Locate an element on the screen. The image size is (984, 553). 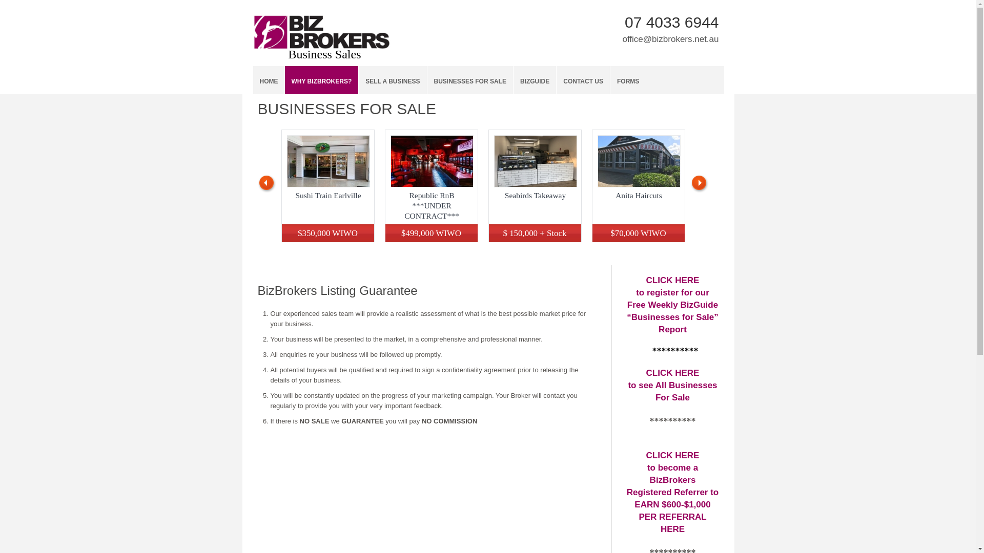
'WHY BIZBROKERS?' is located at coordinates (285, 79).